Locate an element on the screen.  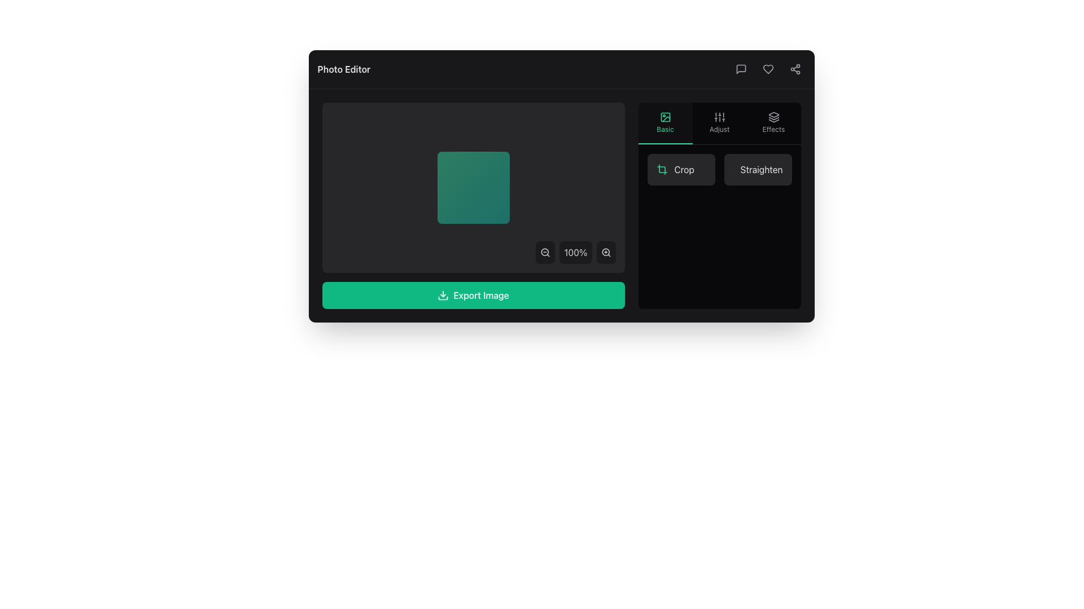
the 'Adjust' tab, which is the second tab in a row of three tabs labeled 'Basic', 'Adjust', and 'Effects', located in the top-right corner of the interface is located at coordinates (719, 123).